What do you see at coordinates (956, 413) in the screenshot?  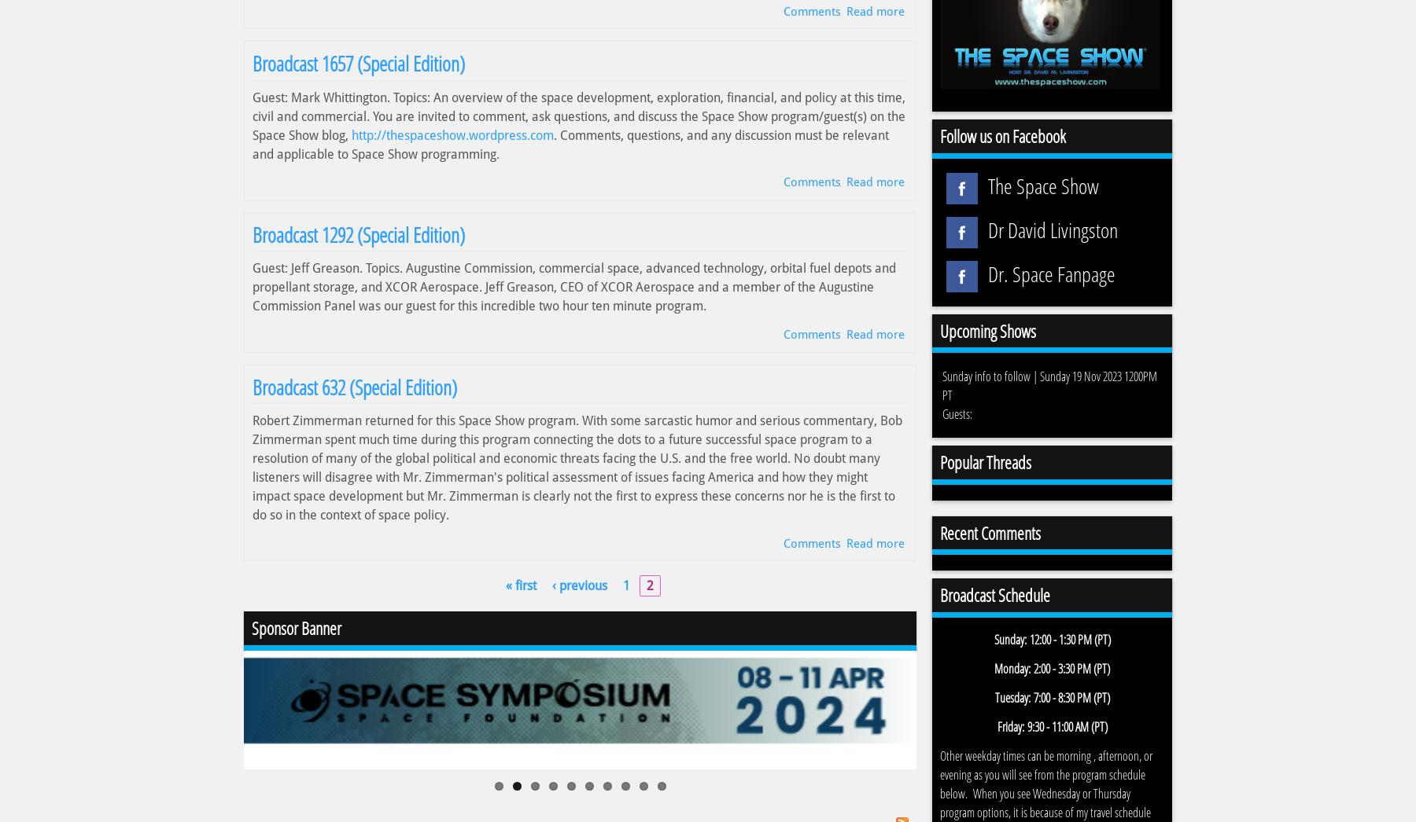 I see `'Guests:'` at bounding box center [956, 413].